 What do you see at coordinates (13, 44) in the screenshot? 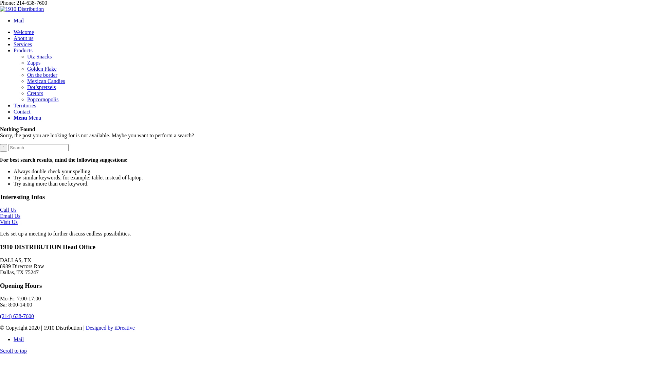
I see `'Services'` at bounding box center [13, 44].